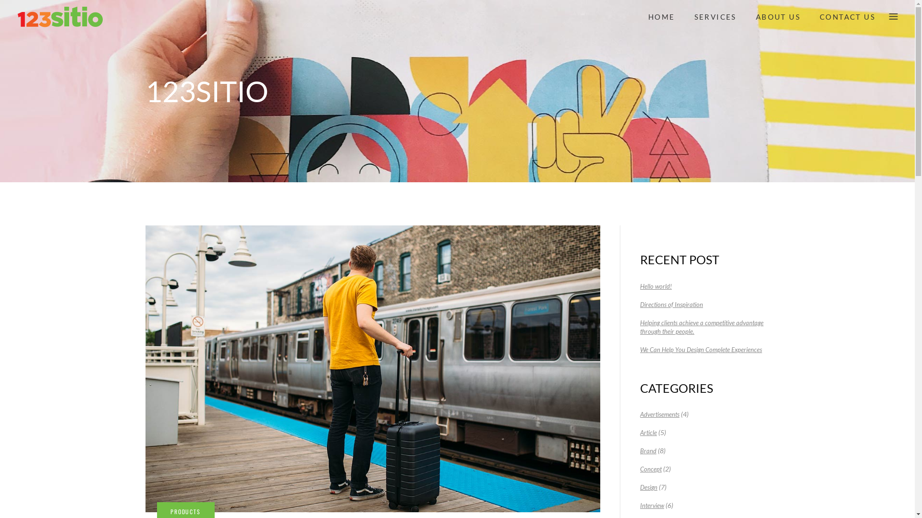 This screenshot has height=518, width=922. What do you see at coordinates (651, 469) in the screenshot?
I see `'Concept'` at bounding box center [651, 469].